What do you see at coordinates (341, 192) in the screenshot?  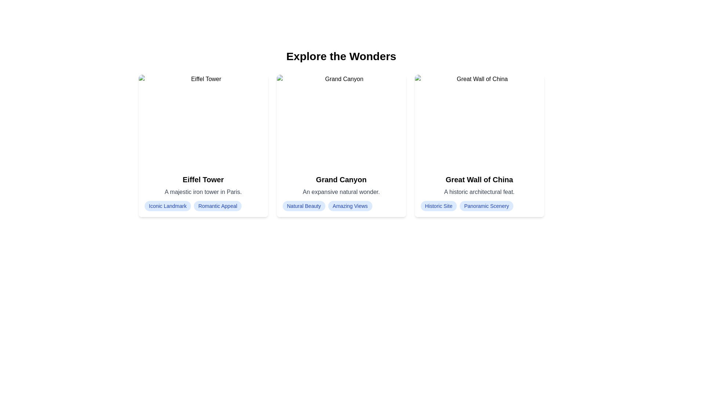 I see `title and description of the informational card about the Grand Canyon, which is the second card in a horizontal list of three cards` at bounding box center [341, 192].